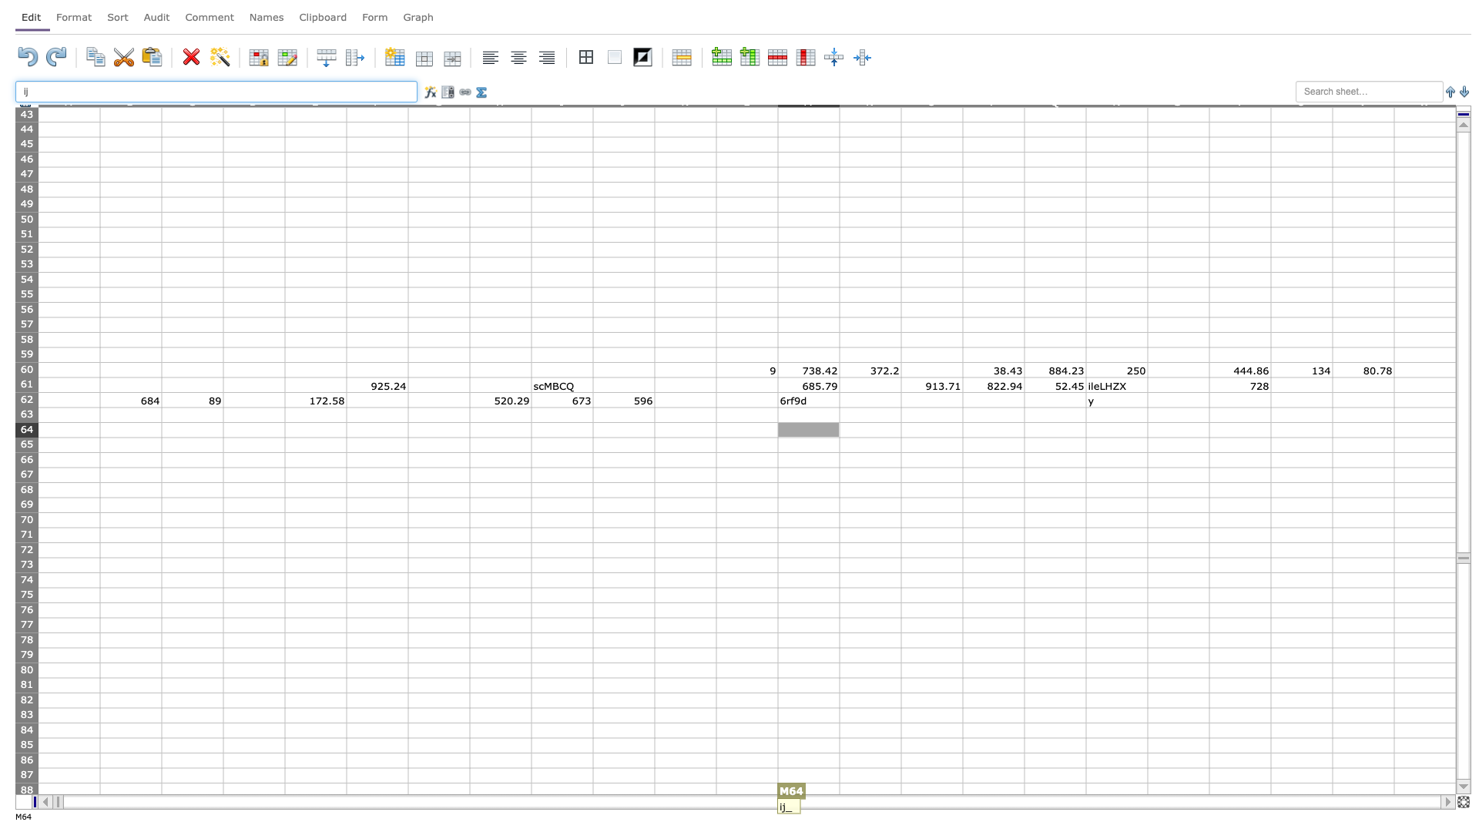  Describe the element at coordinates (838, 744) in the screenshot. I see `left edge at column N row 85` at that location.